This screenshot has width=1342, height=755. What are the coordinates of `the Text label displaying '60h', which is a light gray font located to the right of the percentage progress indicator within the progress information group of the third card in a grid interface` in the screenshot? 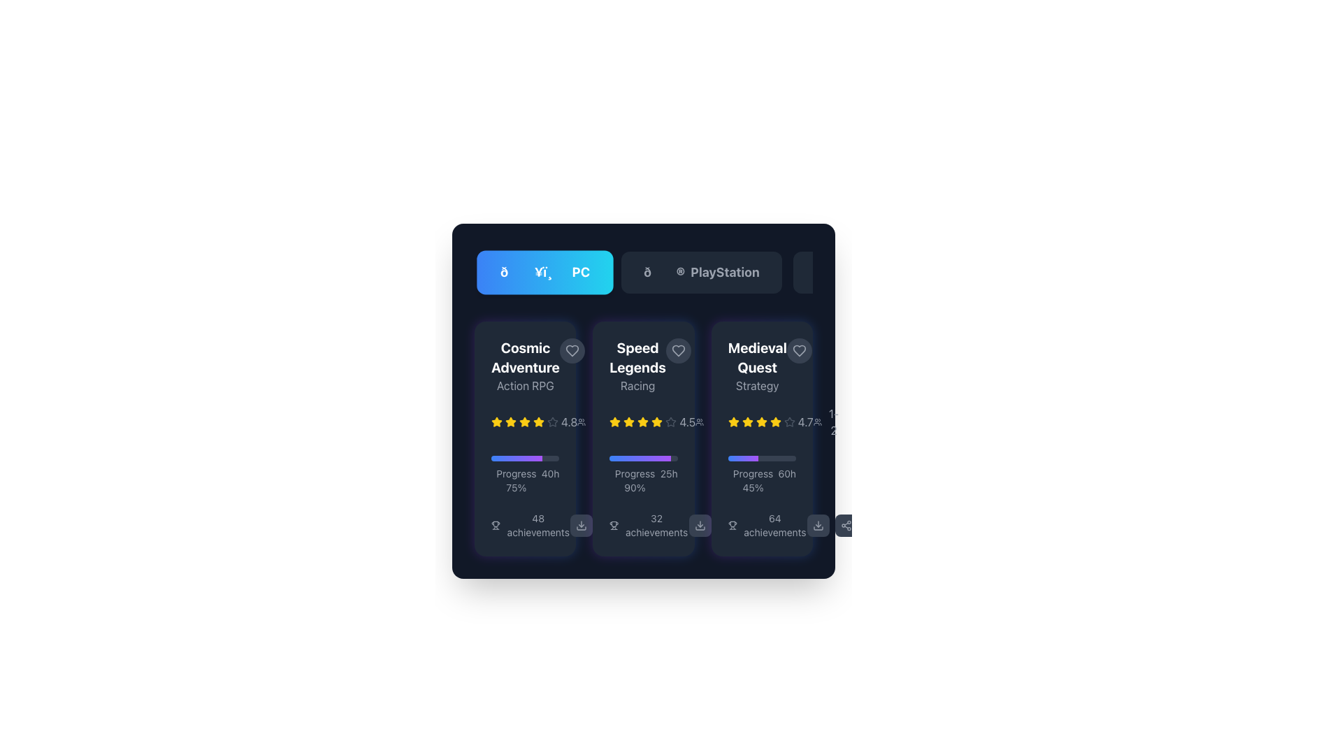 It's located at (787, 480).